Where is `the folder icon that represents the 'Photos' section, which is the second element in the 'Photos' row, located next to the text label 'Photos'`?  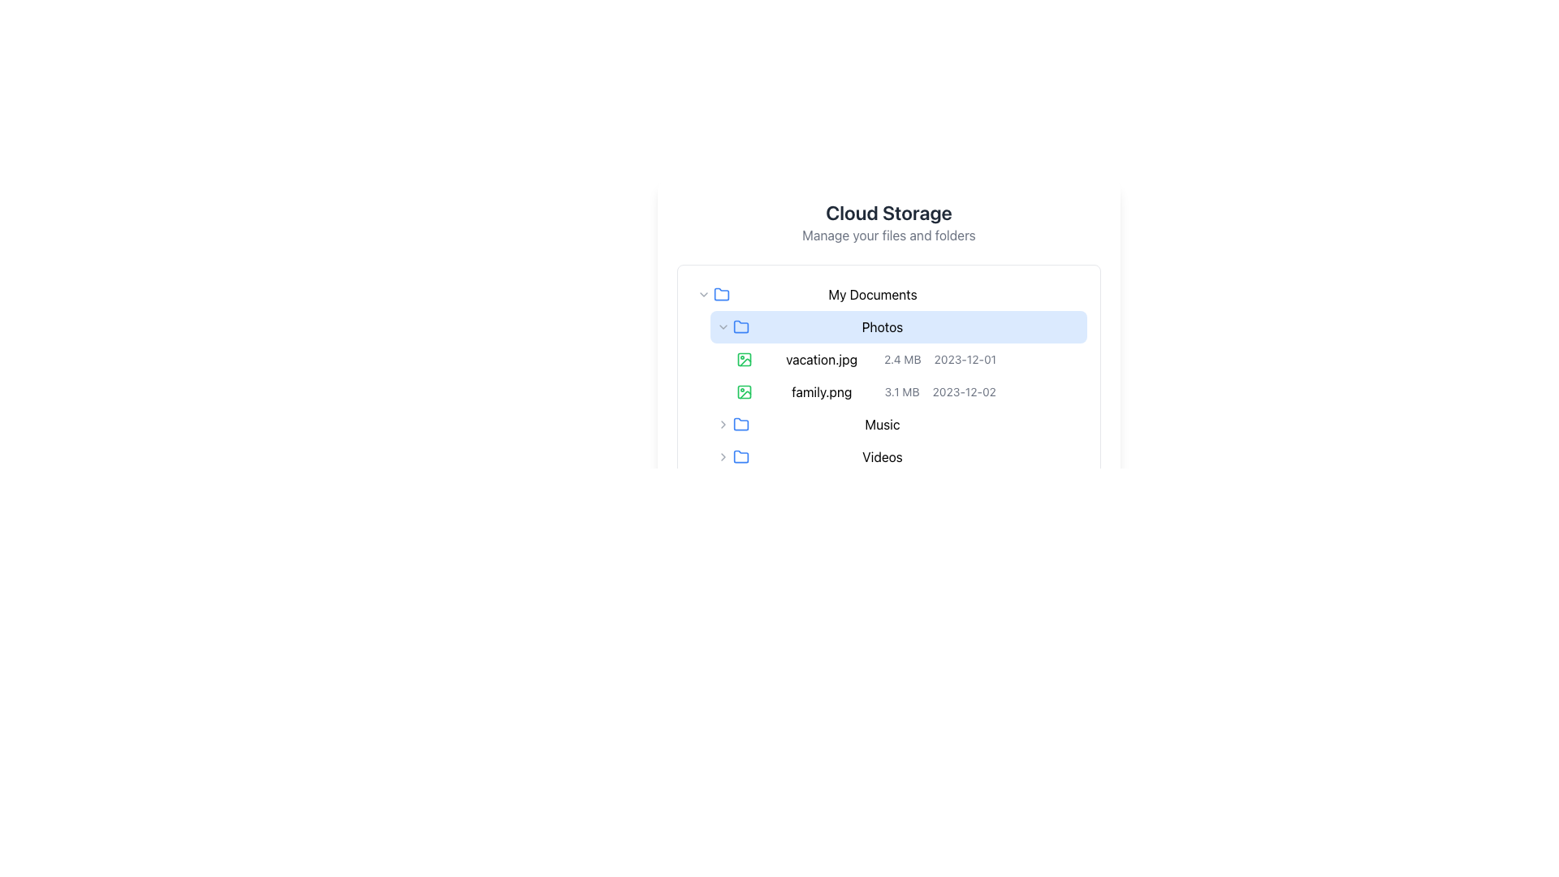 the folder icon that represents the 'Photos' section, which is the second element in the 'Photos' row, located next to the text label 'Photos' is located at coordinates (740, 326).